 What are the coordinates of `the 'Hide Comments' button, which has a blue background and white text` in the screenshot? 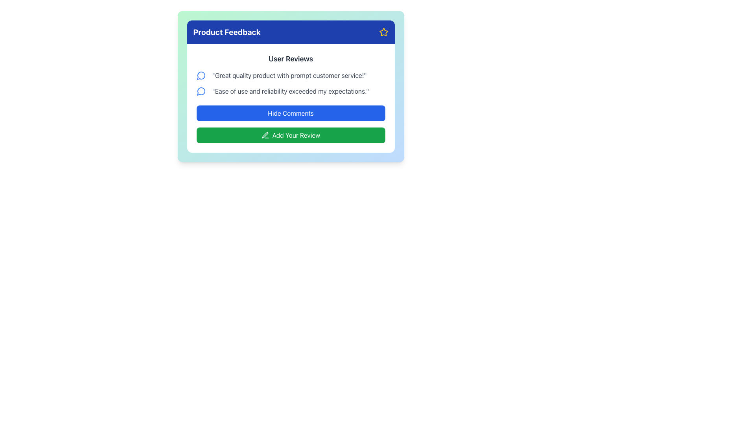 It's located at (290, 113).